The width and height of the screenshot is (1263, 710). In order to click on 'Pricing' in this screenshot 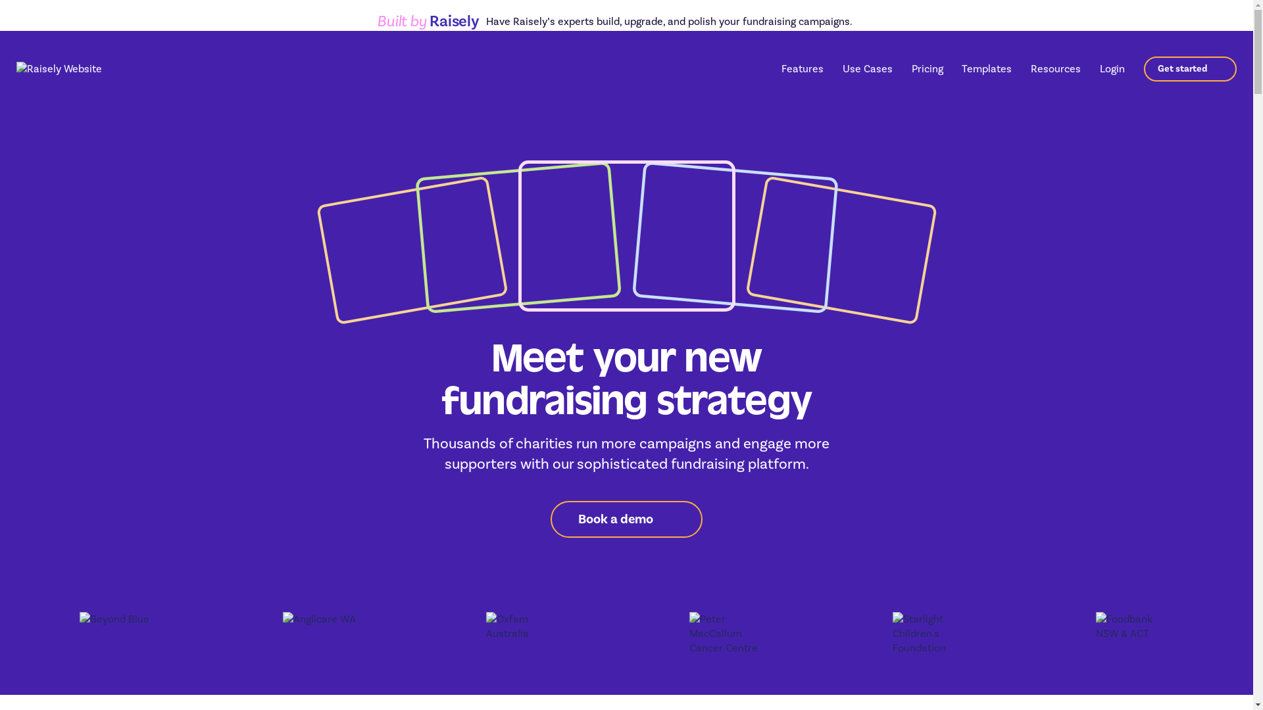, I will do `click(927, 68)`.